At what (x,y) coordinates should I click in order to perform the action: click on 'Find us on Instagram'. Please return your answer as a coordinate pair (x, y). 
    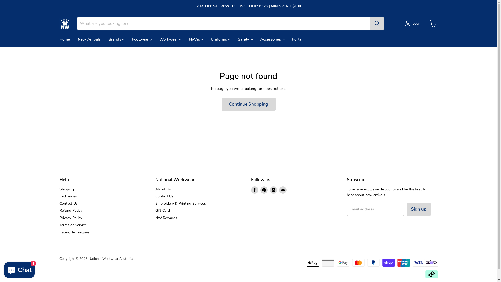
    Looking at the image, I should click on (273, 190).